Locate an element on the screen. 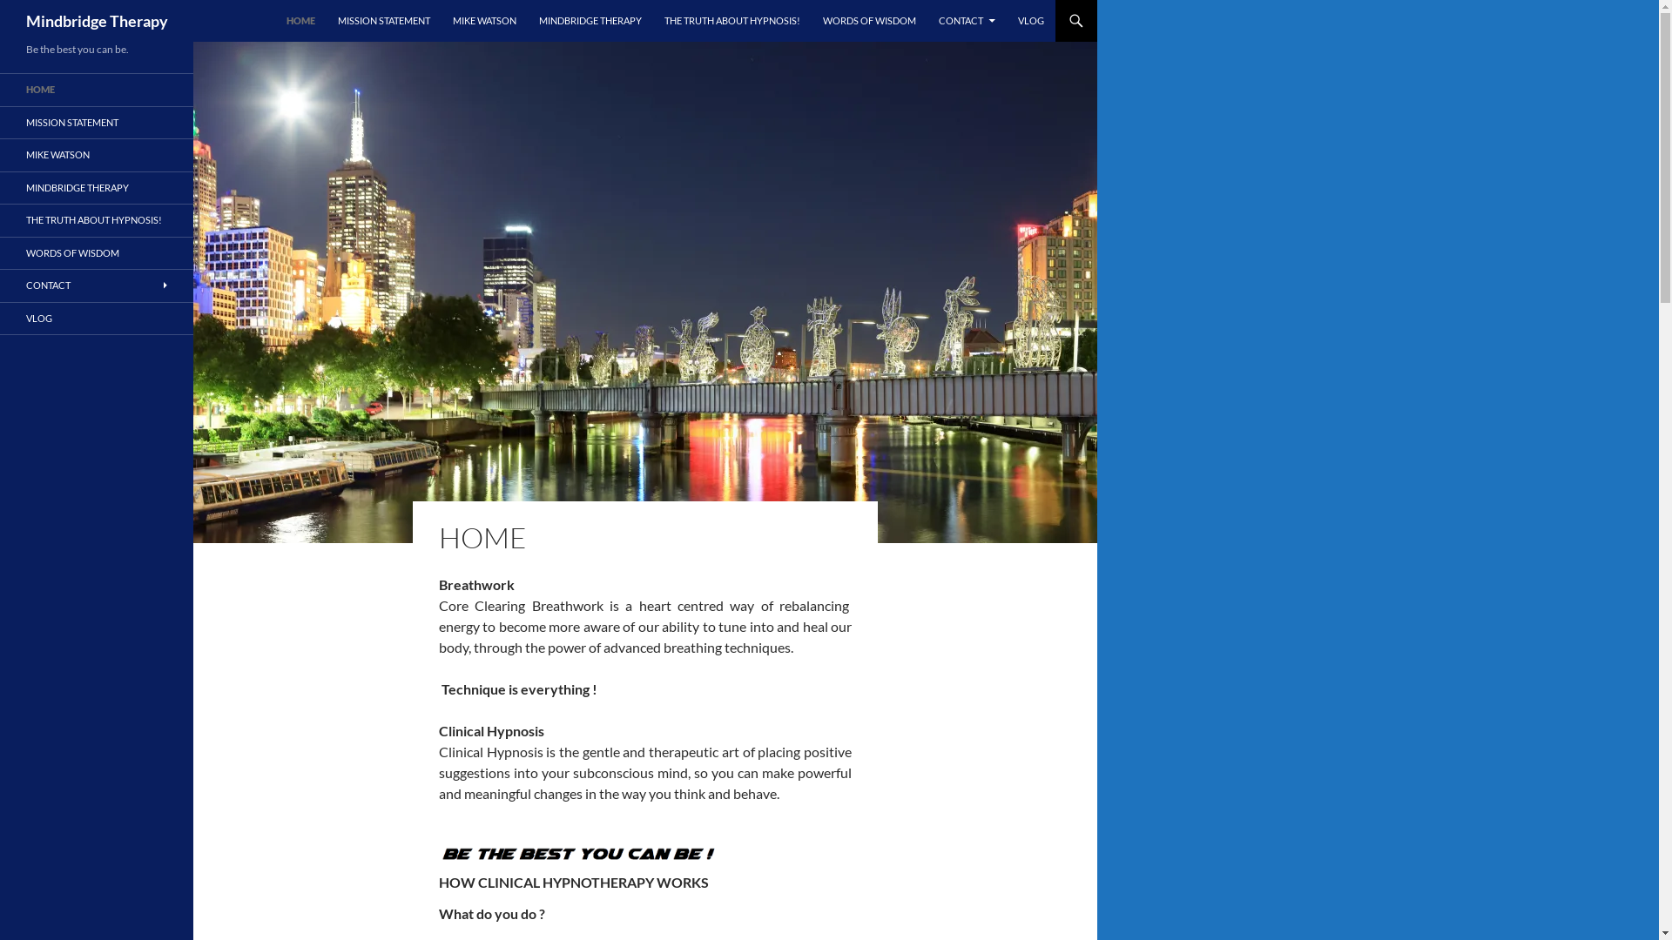 The width and height of the screenshot is (1672, 940). 'CONTACT' is located at coordinates (927, 20).